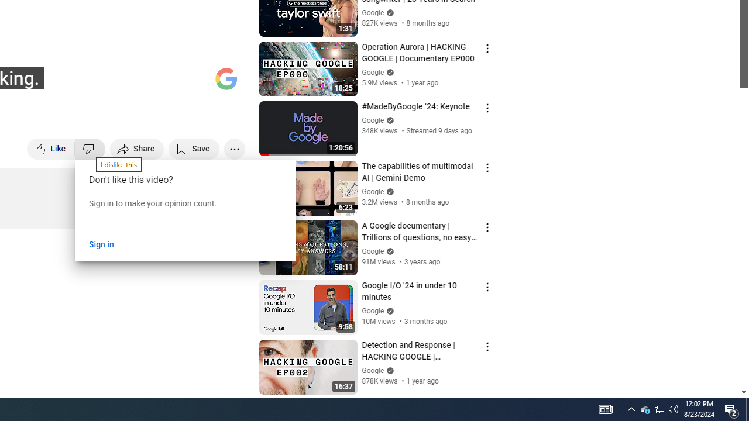 The image size is (749, 421). I want to click on 'Channel watermark', so click(226, 79).